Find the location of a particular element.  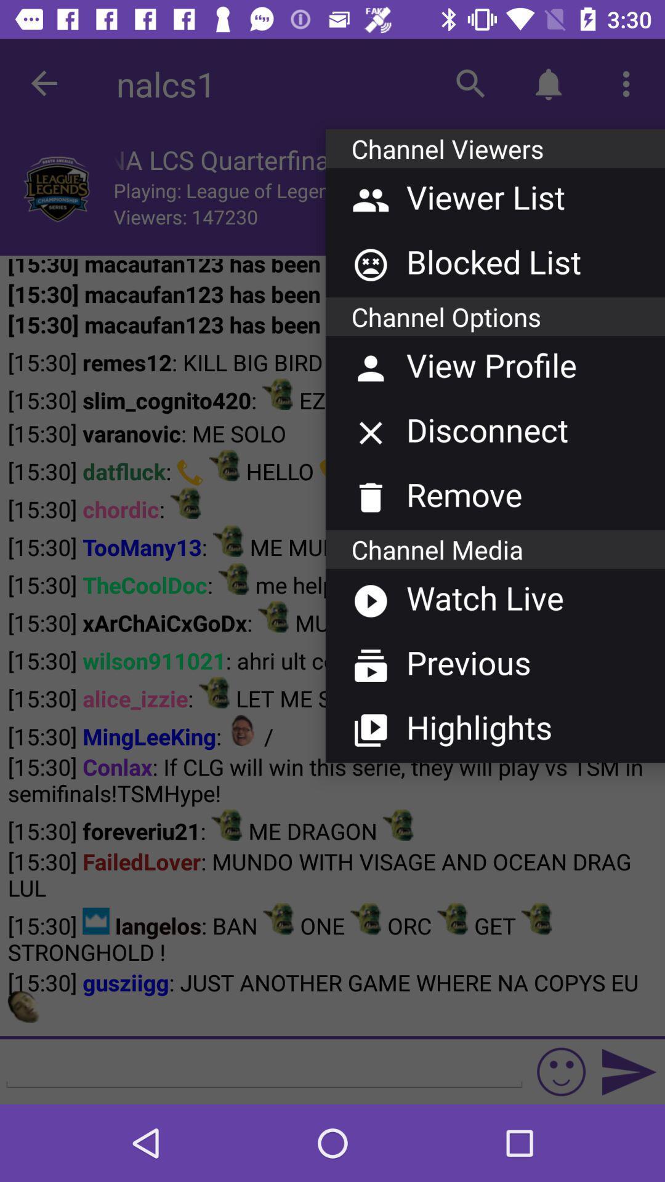

the settings icon is located at coordinates (550, 191).